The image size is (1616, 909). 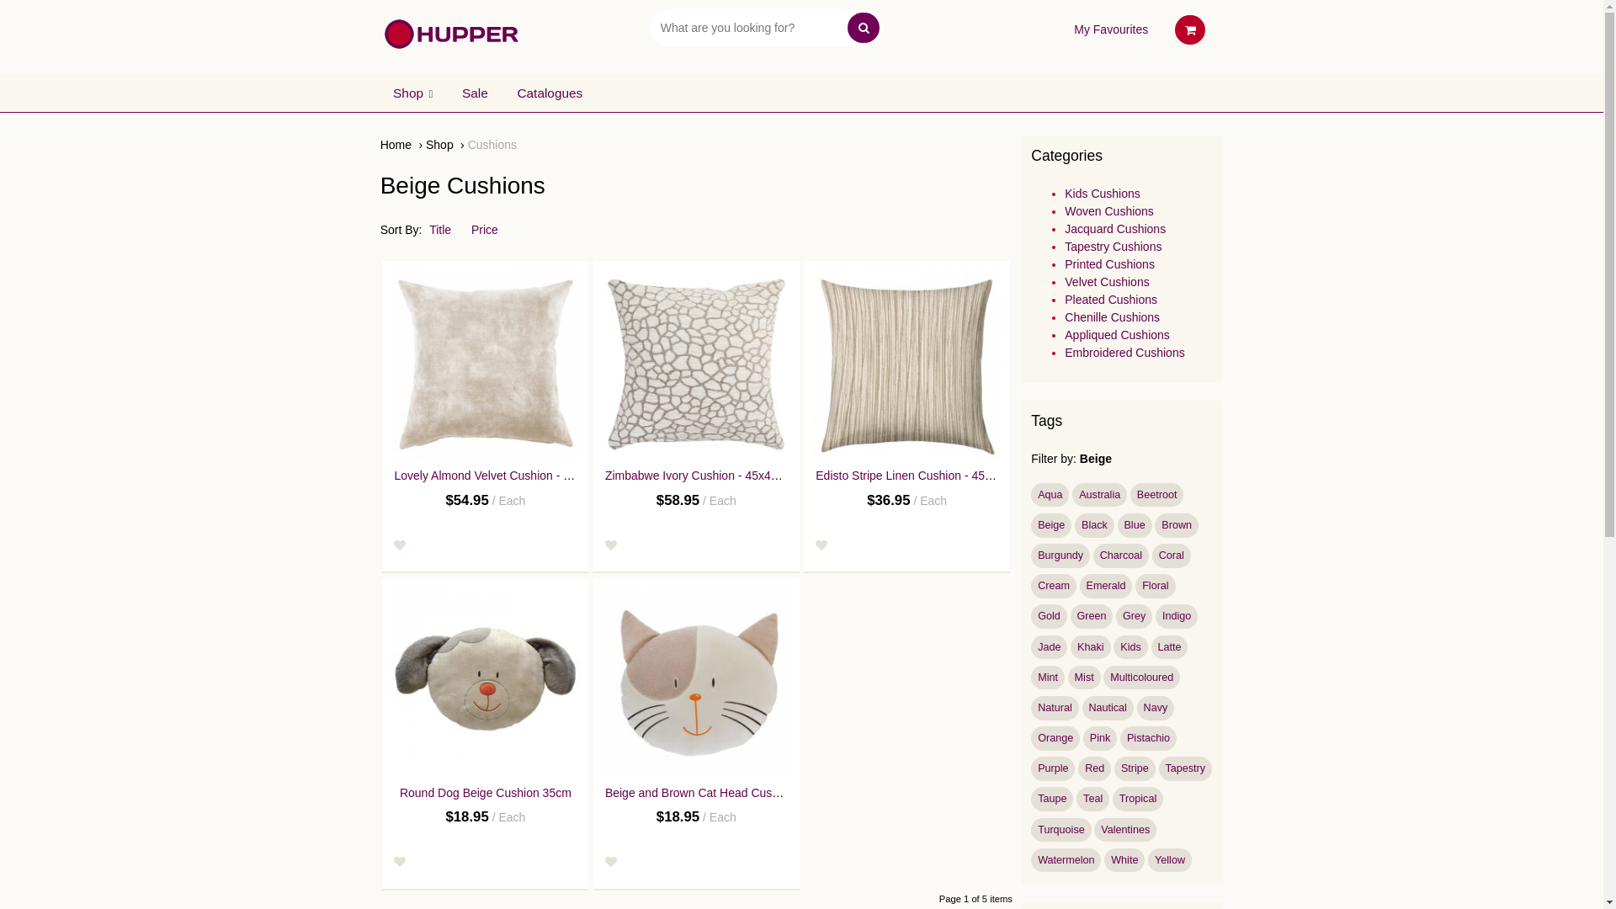 I want to click on 'Velvet Cushions', so click(x=1107, y=281).